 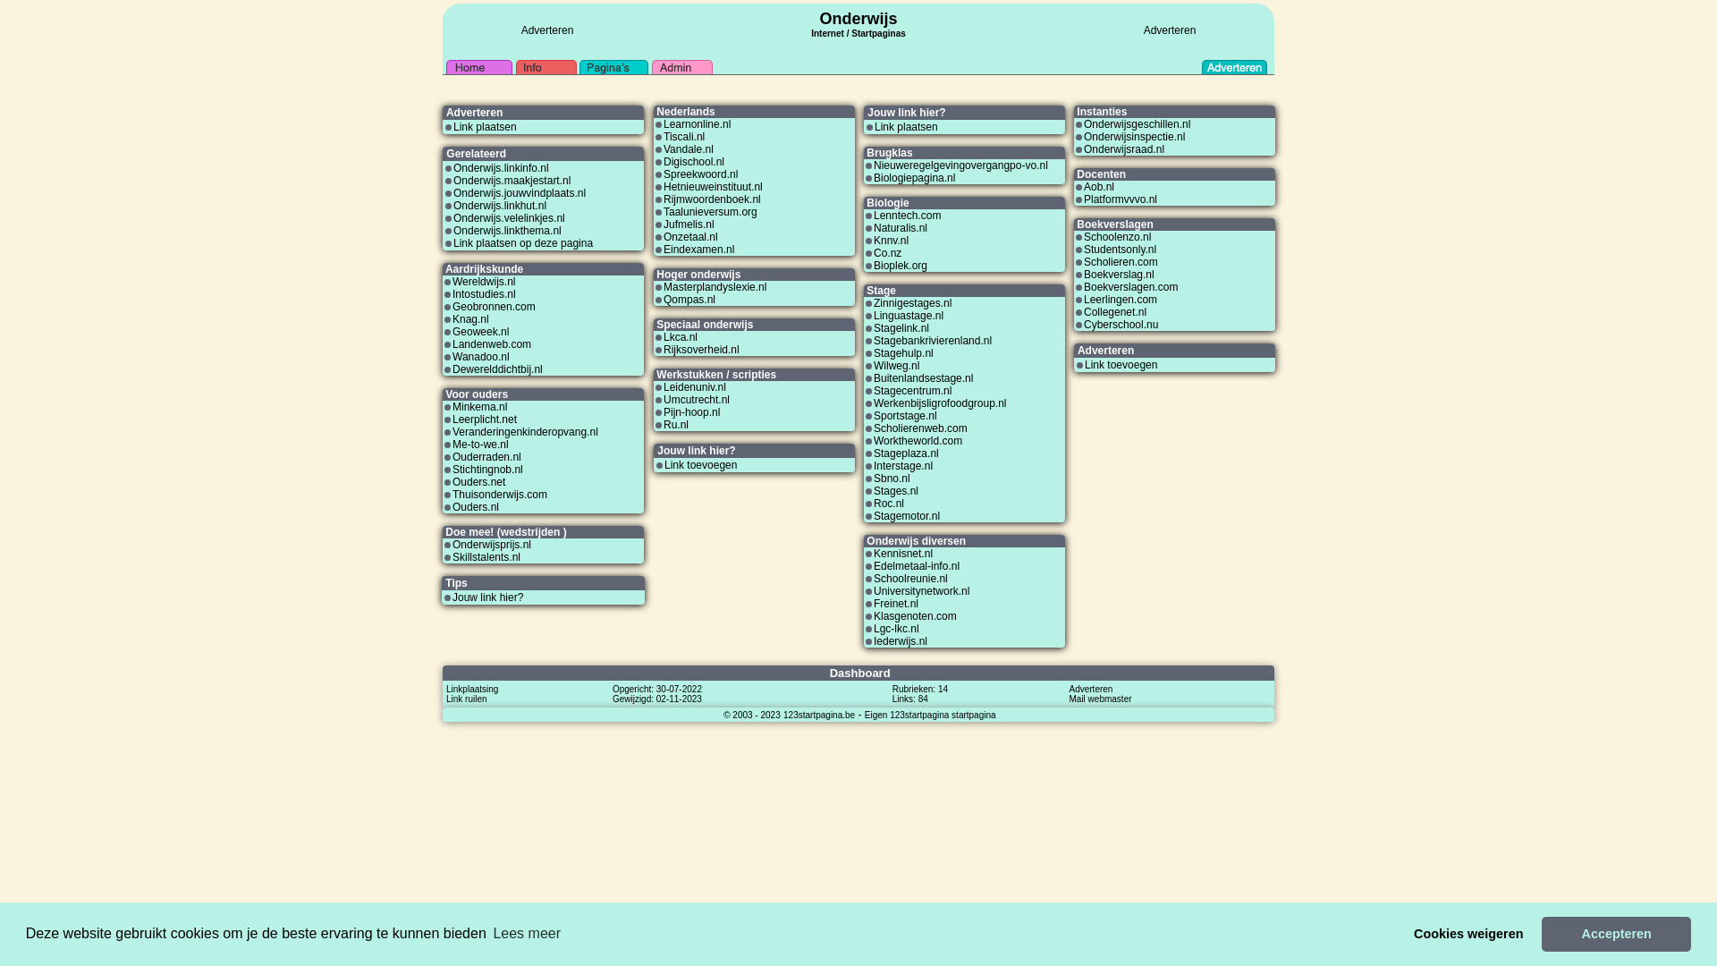 What do you see at coordinates (912, 302) in the screenshot?
I see `'Zinnigestages.nl'` at bounding box center [912, 302].